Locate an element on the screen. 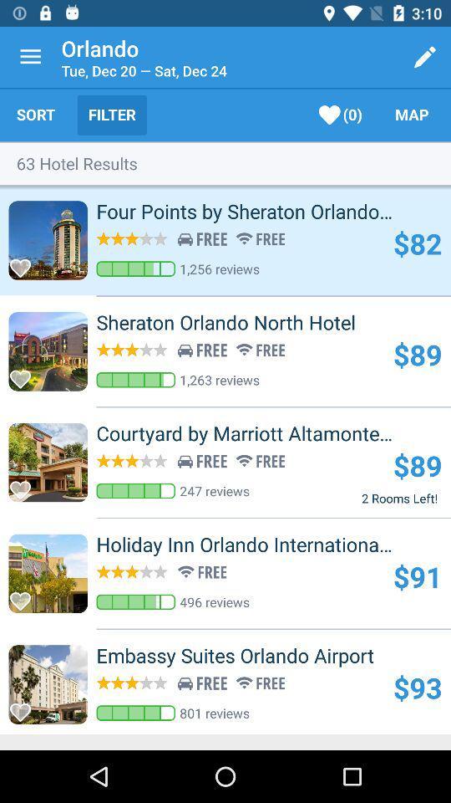 Image resolution: width=451 pixels, height=803 pixels. $91 item is located at coordinates (417, 576).